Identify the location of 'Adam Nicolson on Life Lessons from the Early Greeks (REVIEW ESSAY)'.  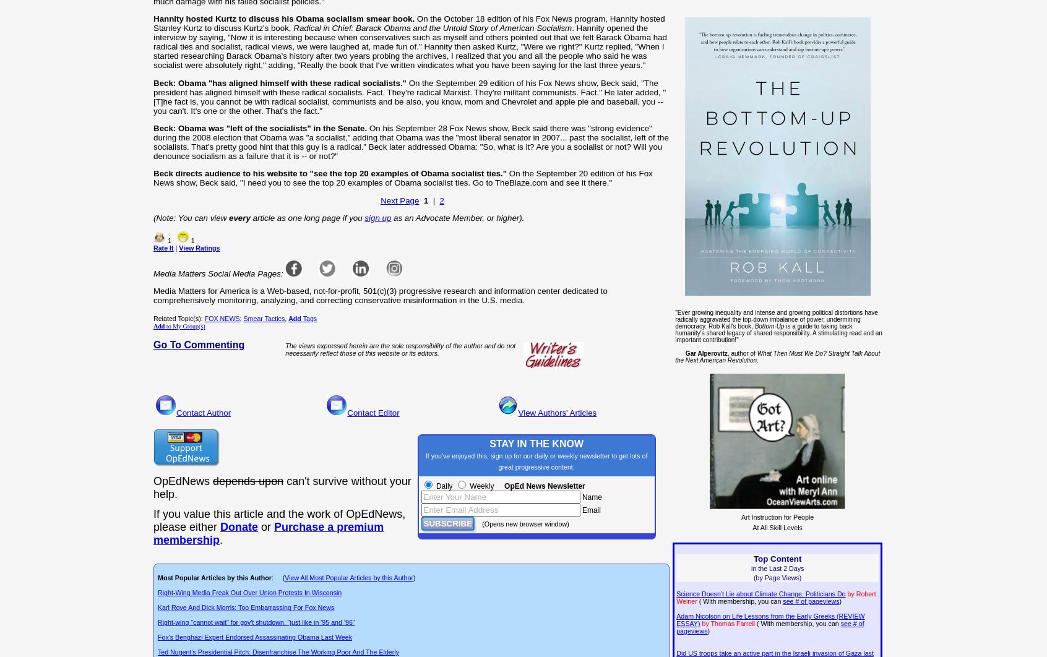
(676, 619).